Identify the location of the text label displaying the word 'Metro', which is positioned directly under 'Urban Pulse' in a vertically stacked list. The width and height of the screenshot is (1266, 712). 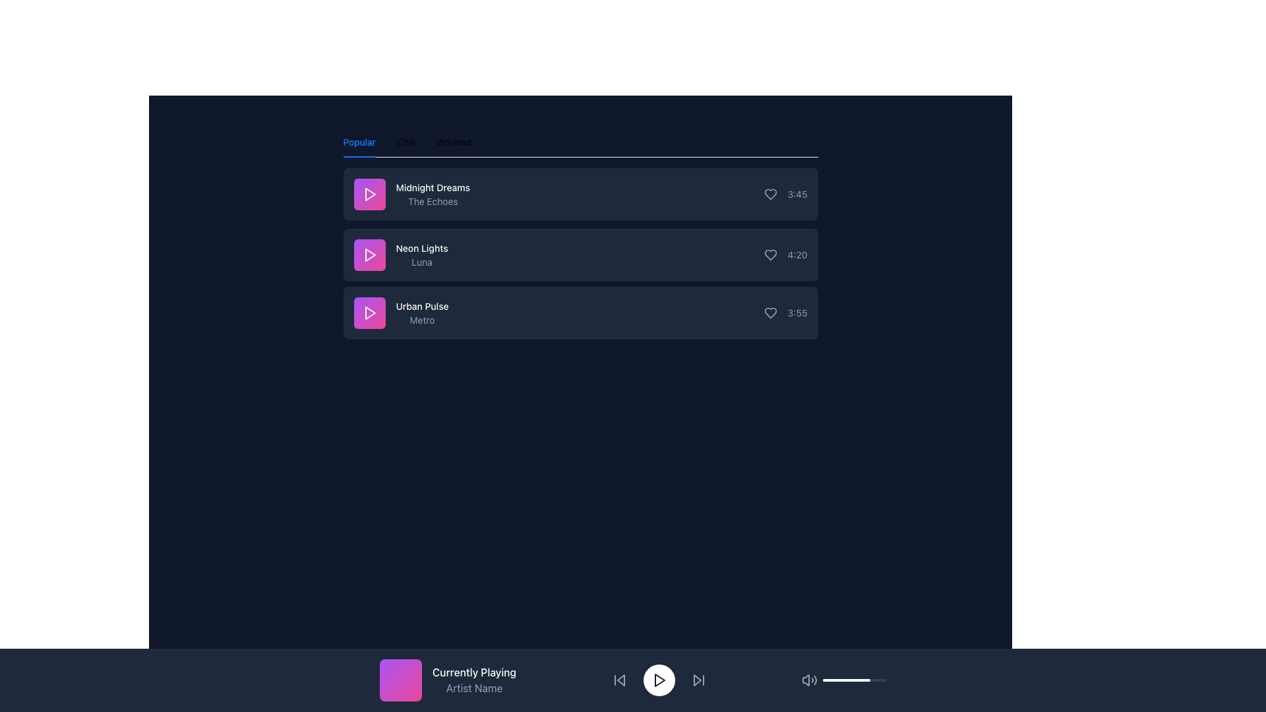
(422, 320).